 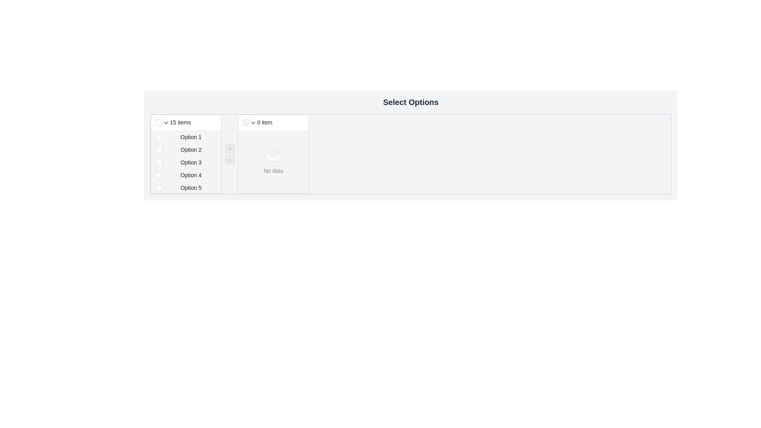 I want to click on the downward-facing arrow icon located in the top-left section of the list header displaying '15 items', so click(x=165, y=122).